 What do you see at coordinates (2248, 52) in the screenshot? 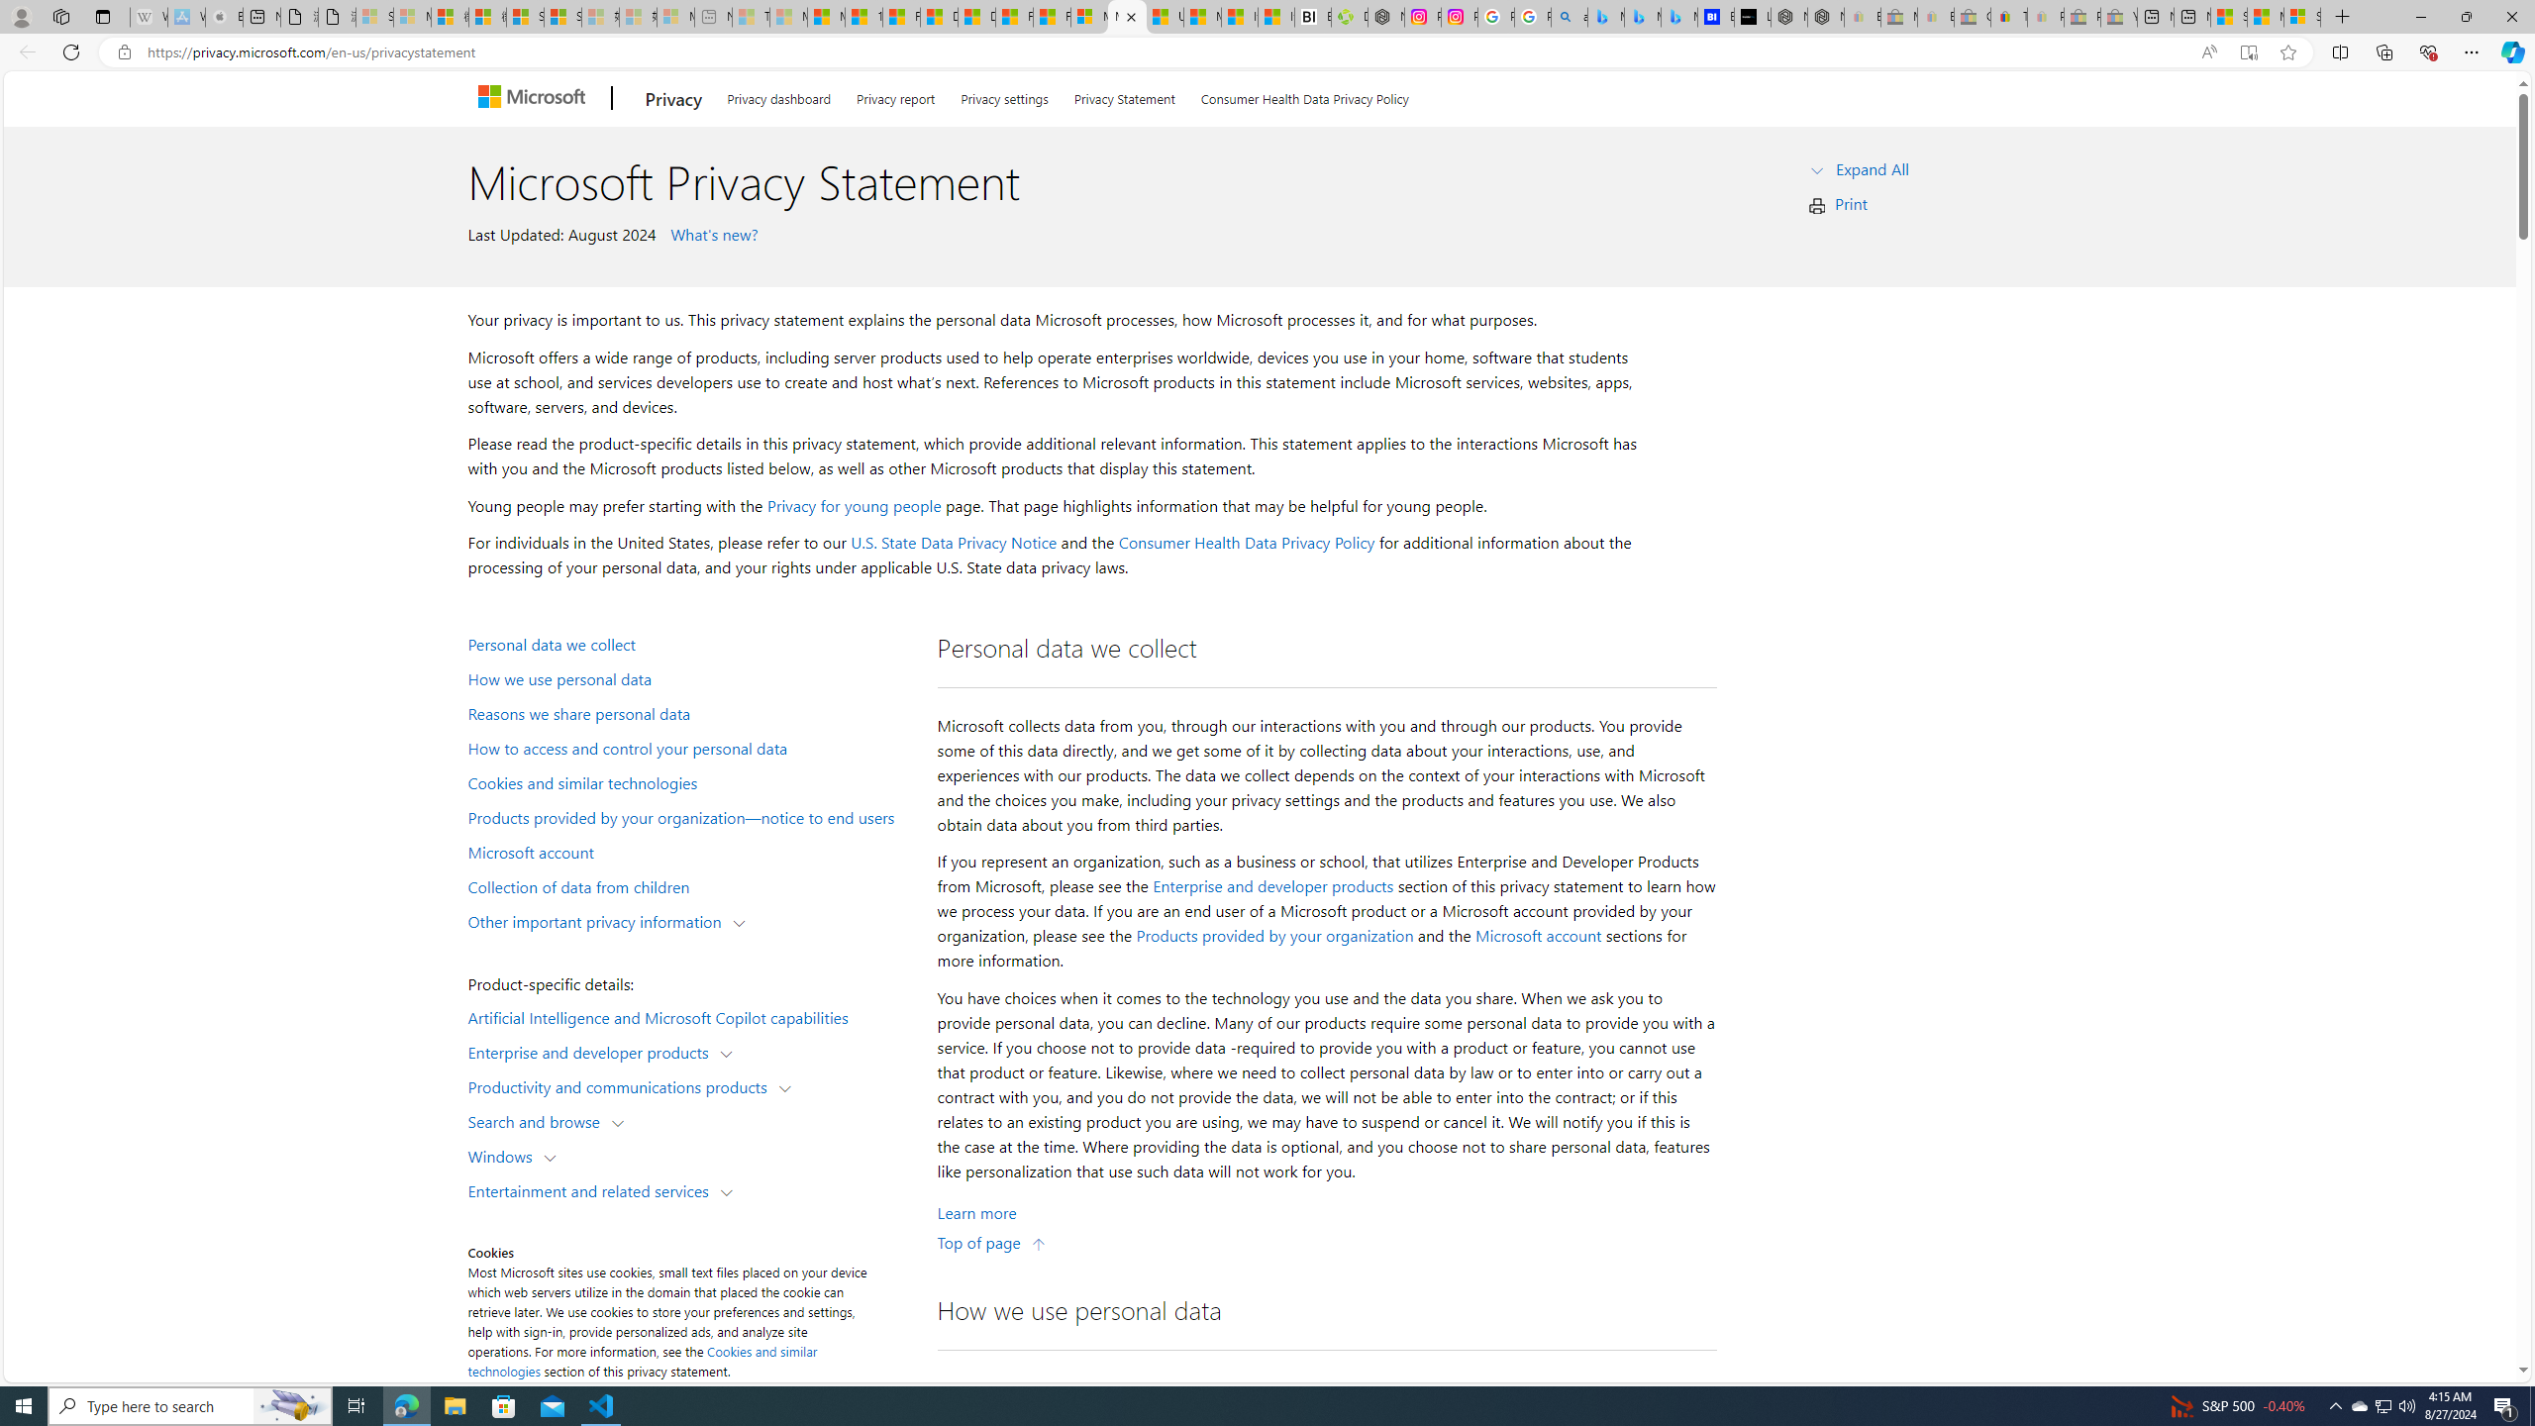
I see `'Enter Immersive Reader (F9)'` at bounding box center [2248, 52].